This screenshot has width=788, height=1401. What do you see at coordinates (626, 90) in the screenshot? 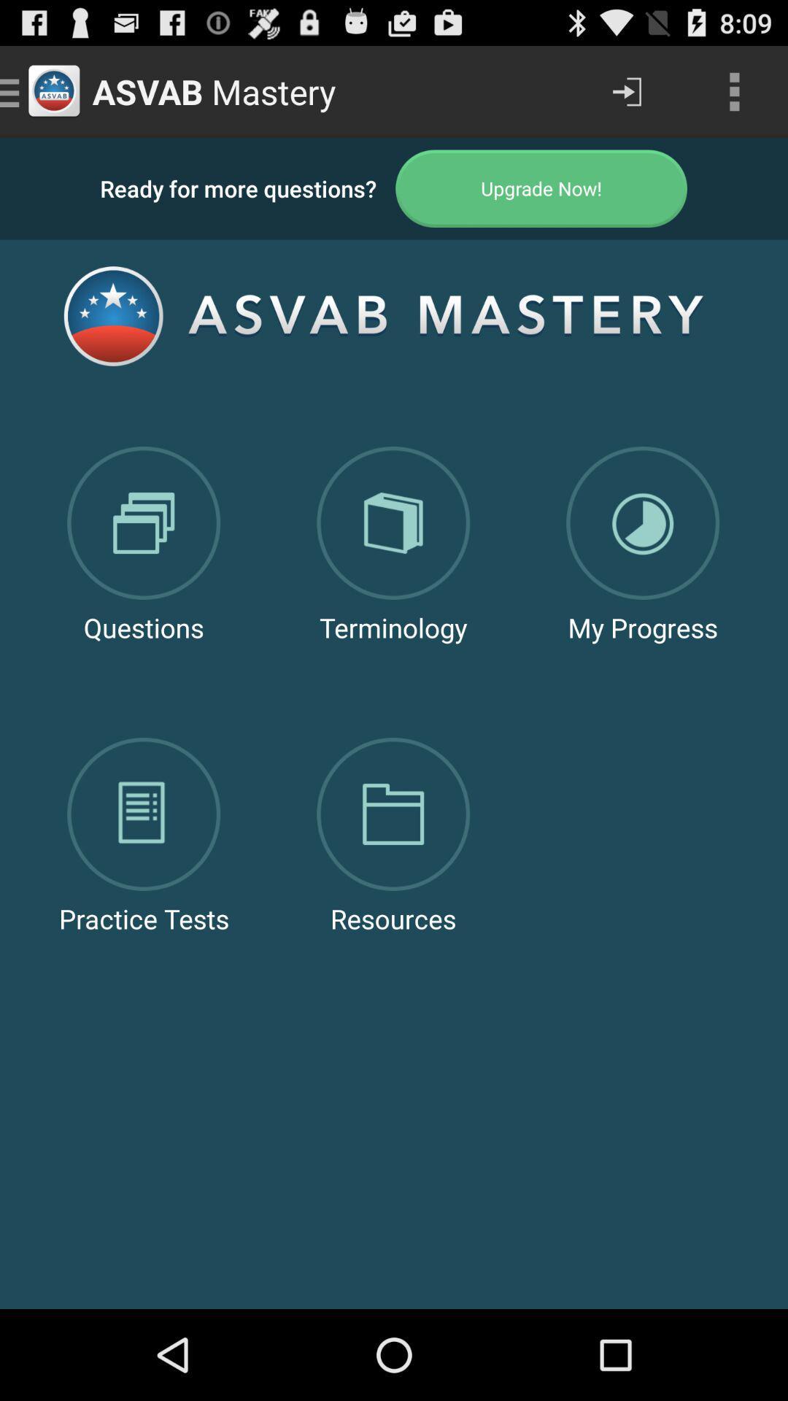
I see `the icon which is to the immediate left of more options icon` at bounding box center [626, 90].